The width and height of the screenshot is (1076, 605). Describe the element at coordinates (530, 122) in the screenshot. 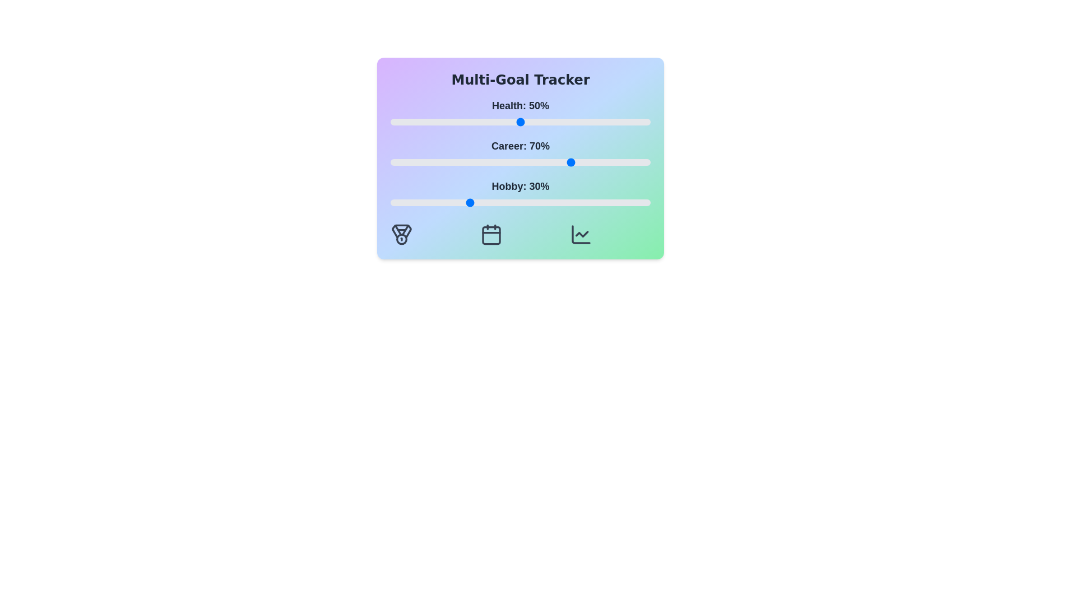

I see `the 'Health' slider to 54%` at that location.